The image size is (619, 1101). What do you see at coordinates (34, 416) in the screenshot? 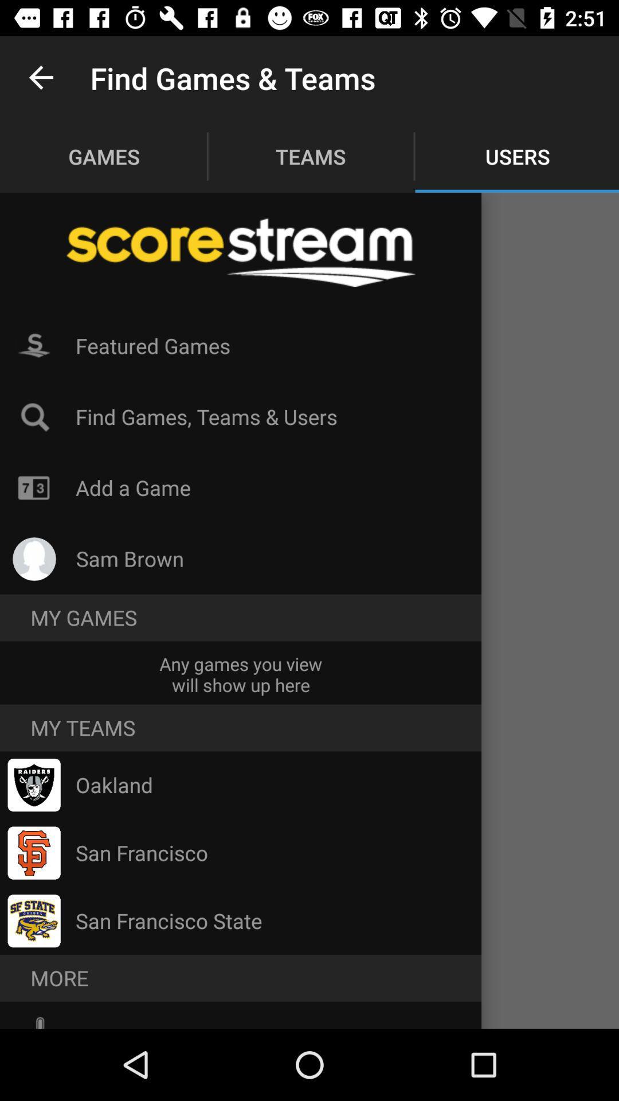
I see `option beside find` at bounding box center [34, 416].